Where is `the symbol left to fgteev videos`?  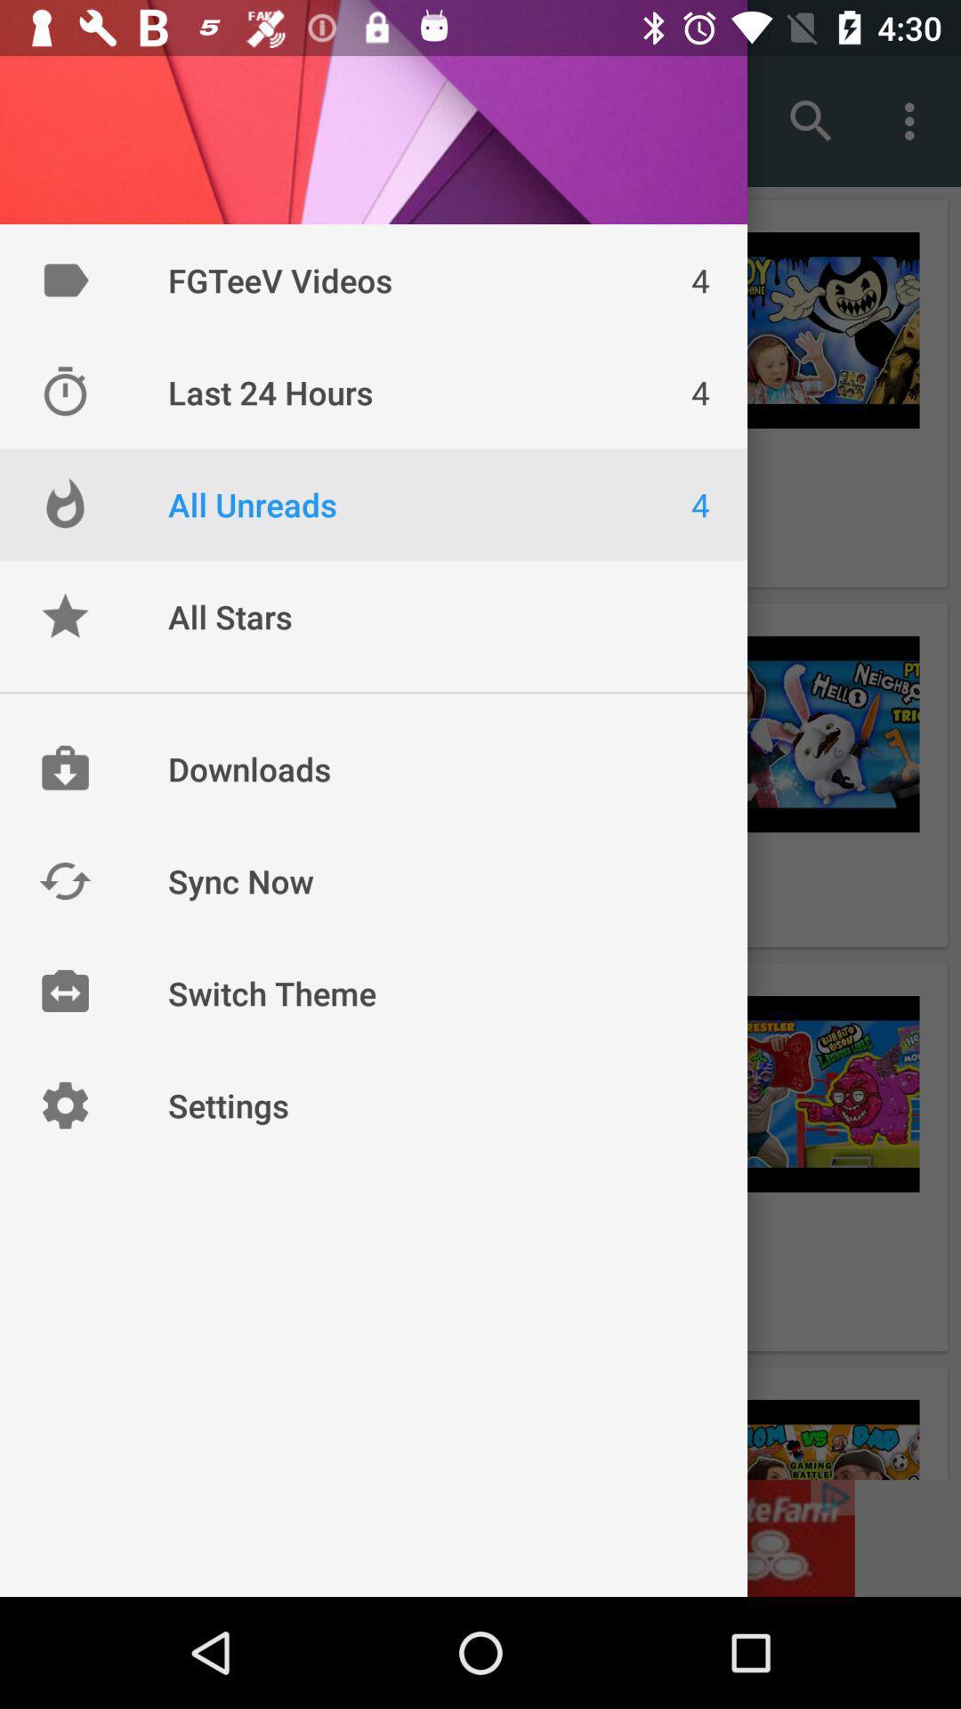 the symbol left to fgteev videos is located at coordinates (64, 279).